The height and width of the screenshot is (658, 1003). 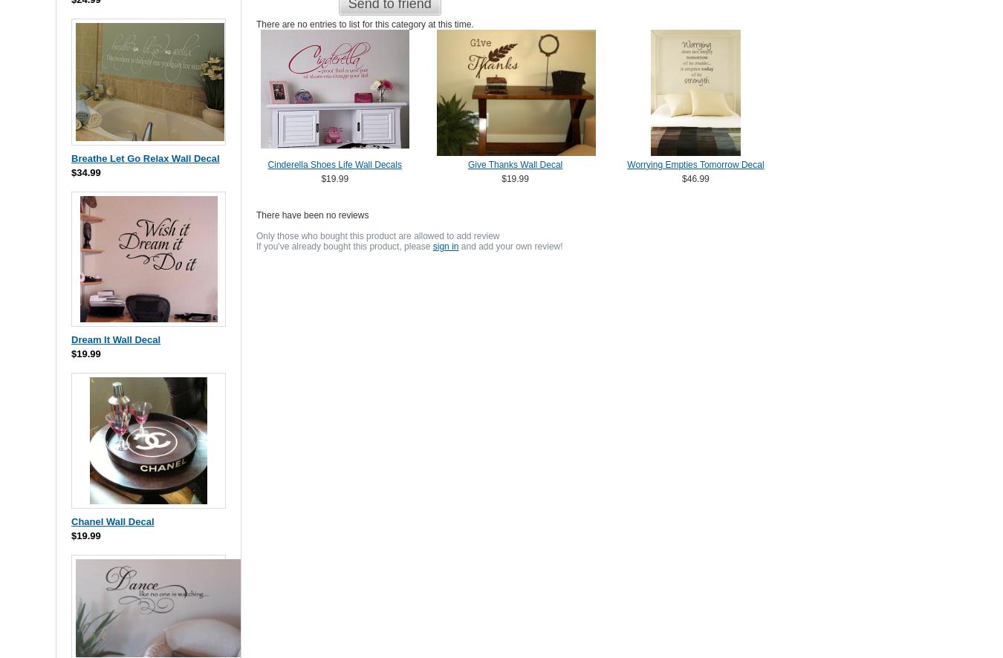 What do you see at coordinates (694, 177) in the screenshot?
I see `'$46.99'` at bounding box center [694, 177].